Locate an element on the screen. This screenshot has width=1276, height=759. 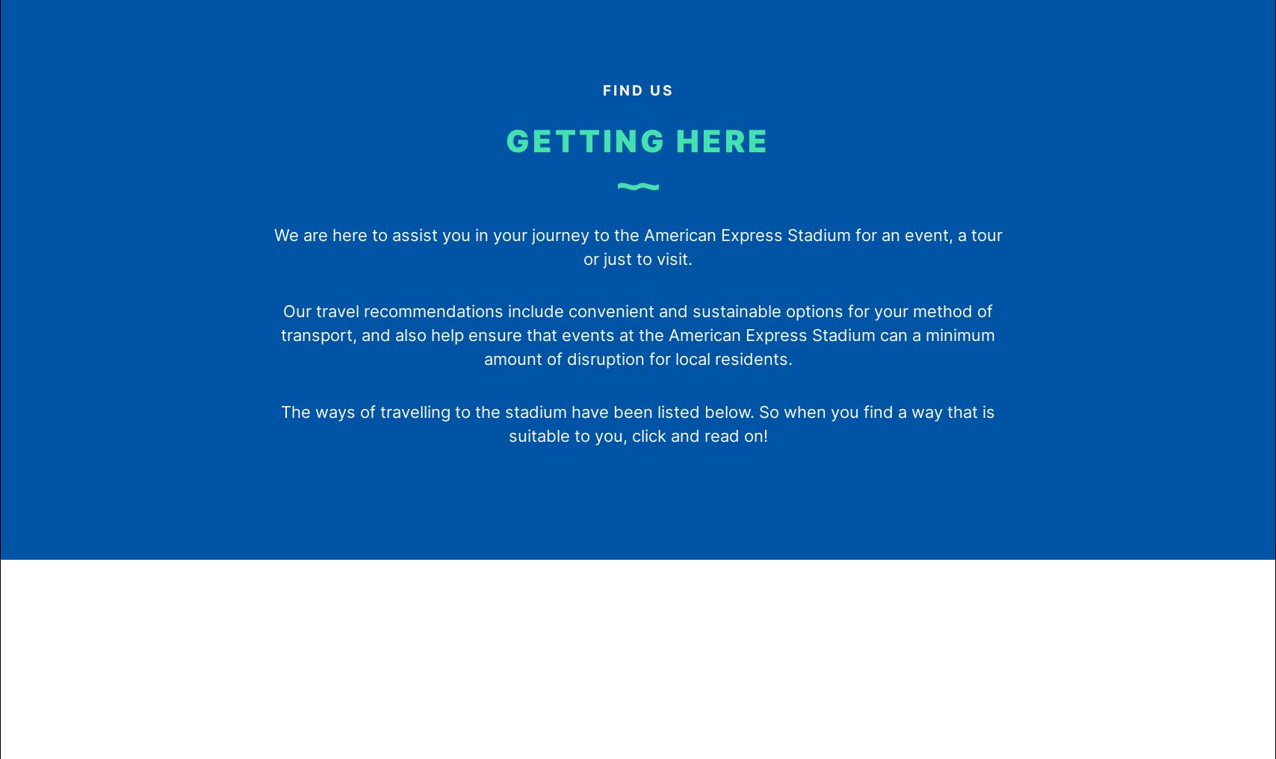
'What's on' is located at coordinates (207, 285).